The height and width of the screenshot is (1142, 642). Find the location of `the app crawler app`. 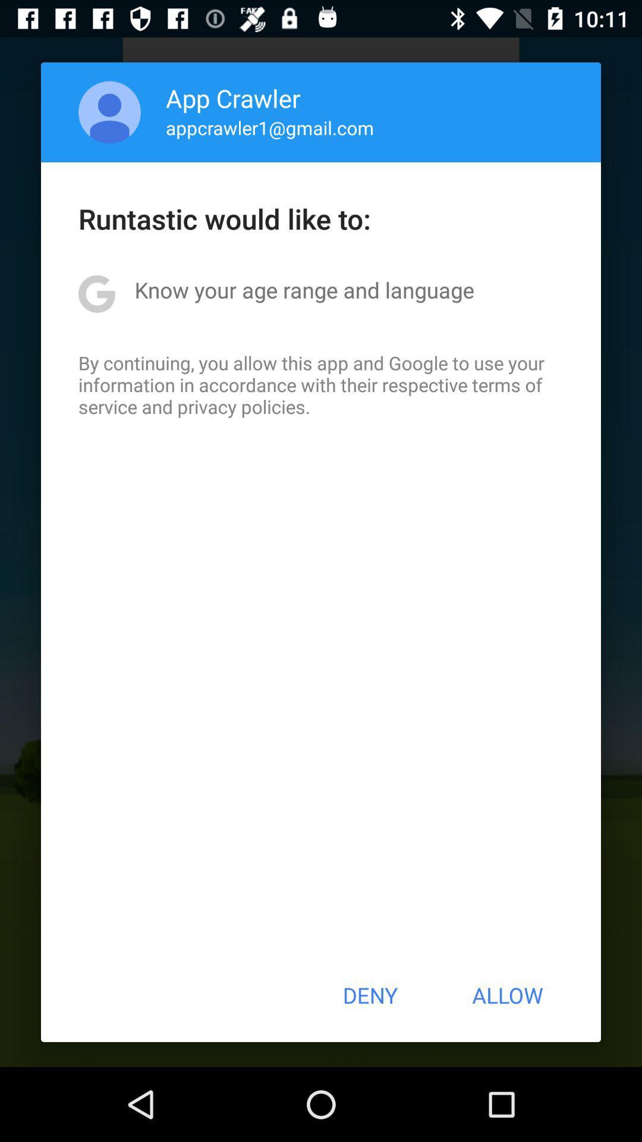

the app crawler app is located at coordinates (233, 98).